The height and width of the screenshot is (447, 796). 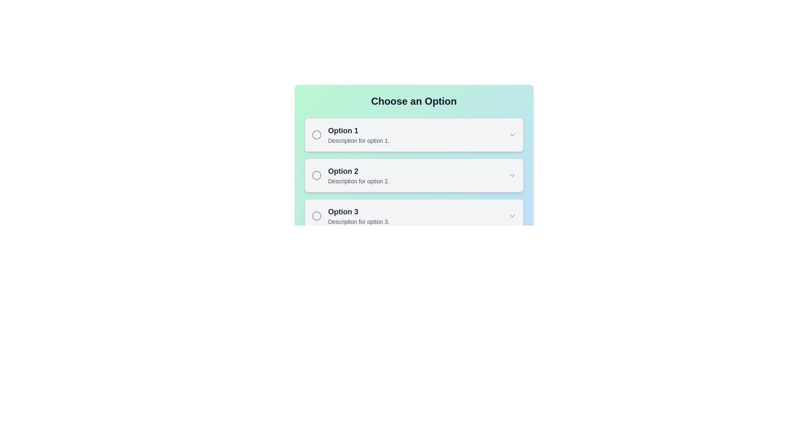 I want to click on the center of the graphic icon representing 'Option 2', so click(x=316, y=175).